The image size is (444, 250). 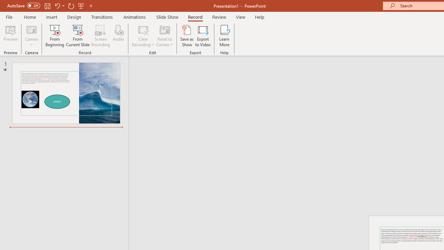 I want to click on 'Save as Show', so click(x=187, y=36).